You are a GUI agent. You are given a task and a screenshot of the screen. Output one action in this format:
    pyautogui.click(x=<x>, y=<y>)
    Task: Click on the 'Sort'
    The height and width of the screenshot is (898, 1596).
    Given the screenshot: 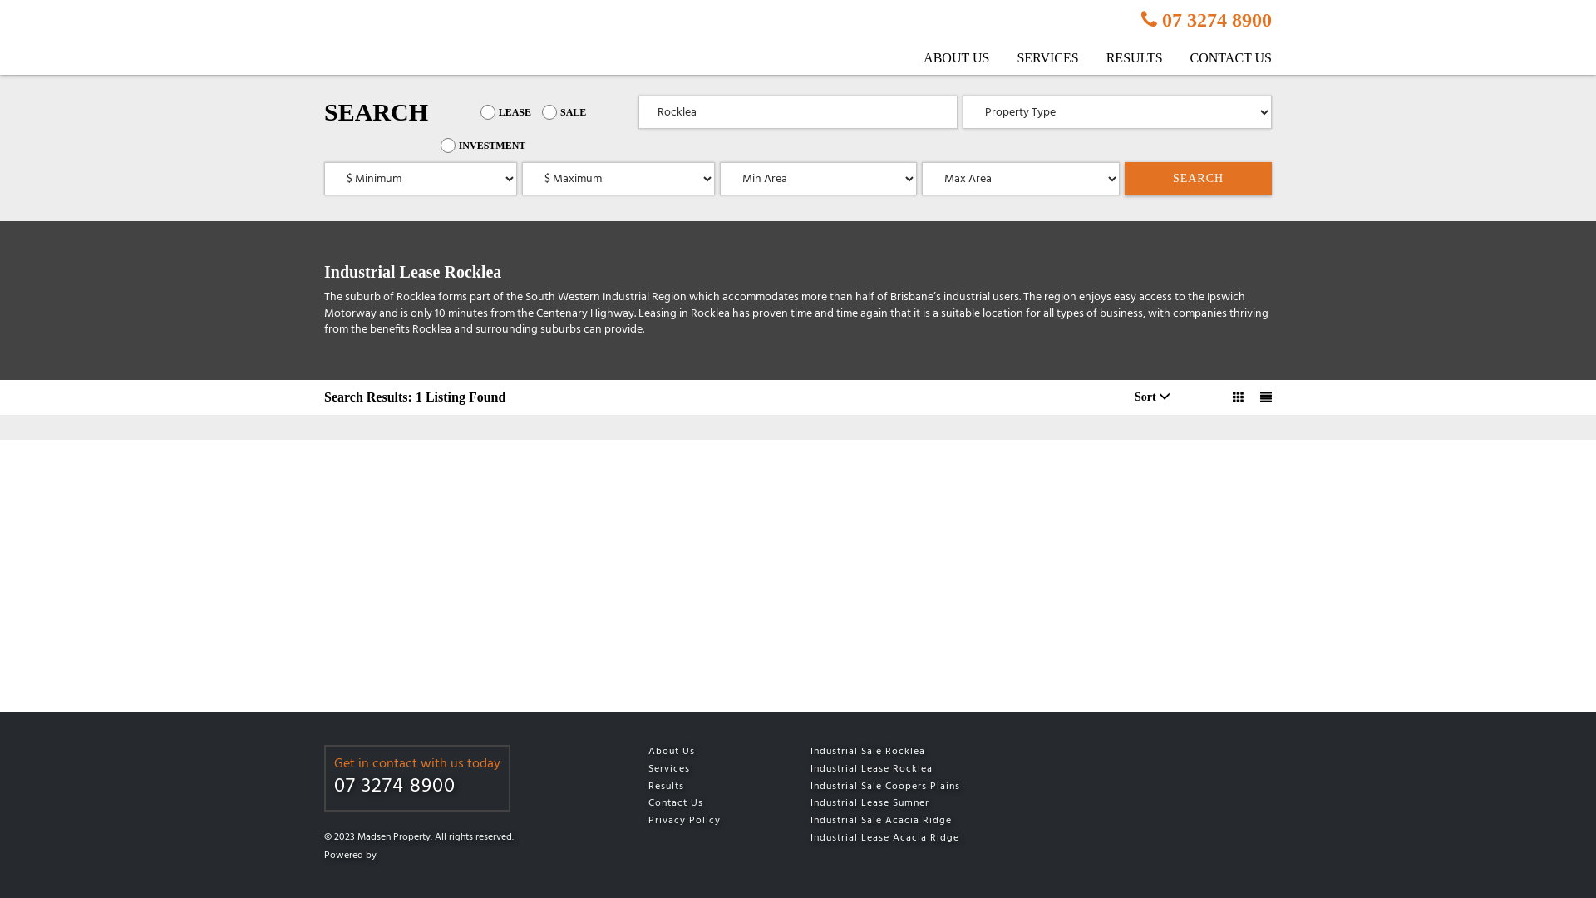 What is the action you would take?
    pyautogui.click(x=1151, y=397)
    